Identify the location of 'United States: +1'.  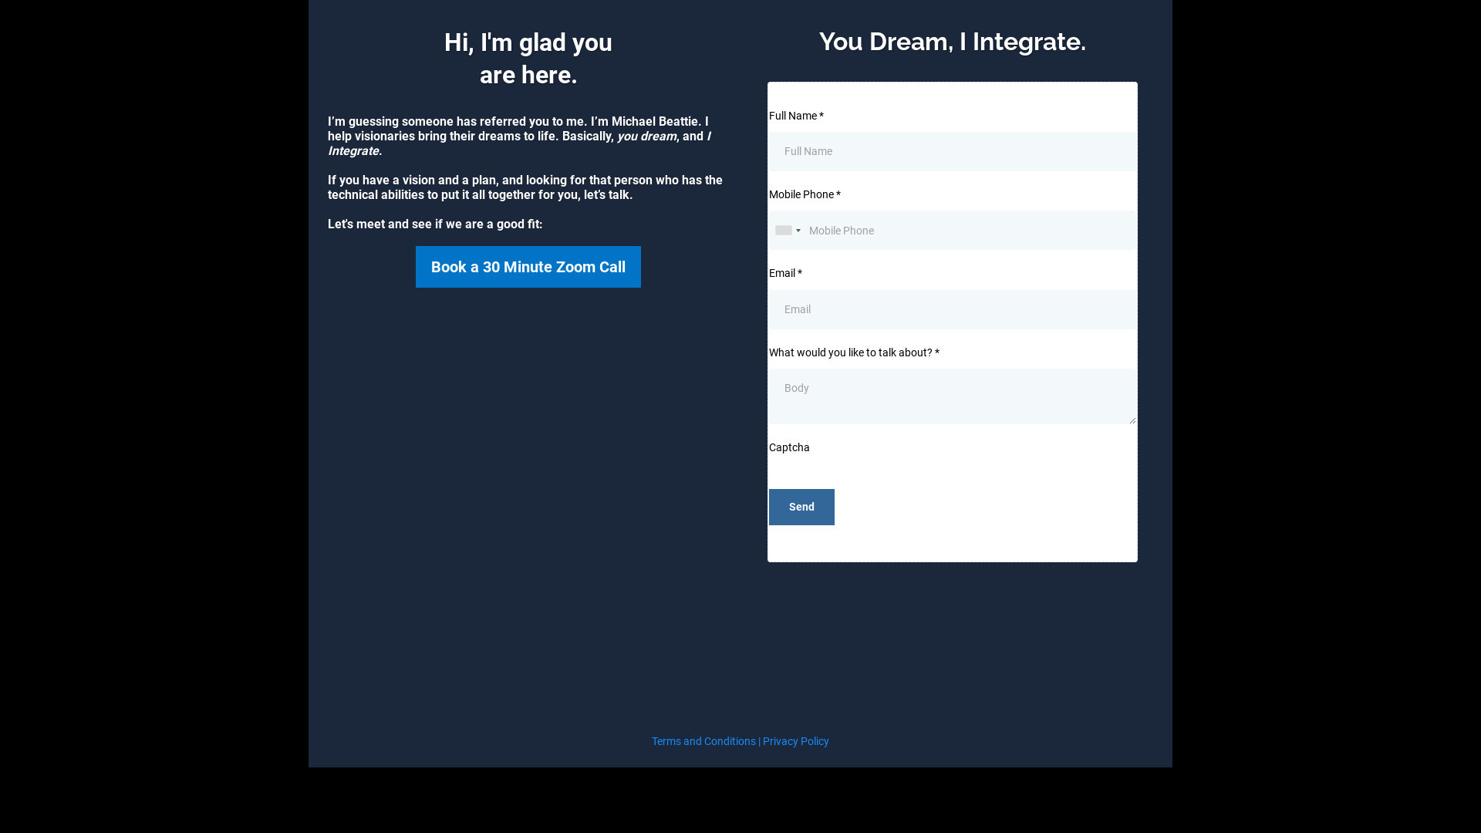
(770, 230).